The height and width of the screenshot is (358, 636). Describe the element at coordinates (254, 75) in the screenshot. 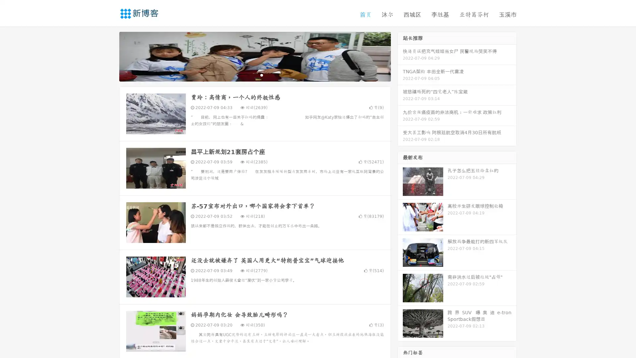

I see `Go to slide 2` at that location.